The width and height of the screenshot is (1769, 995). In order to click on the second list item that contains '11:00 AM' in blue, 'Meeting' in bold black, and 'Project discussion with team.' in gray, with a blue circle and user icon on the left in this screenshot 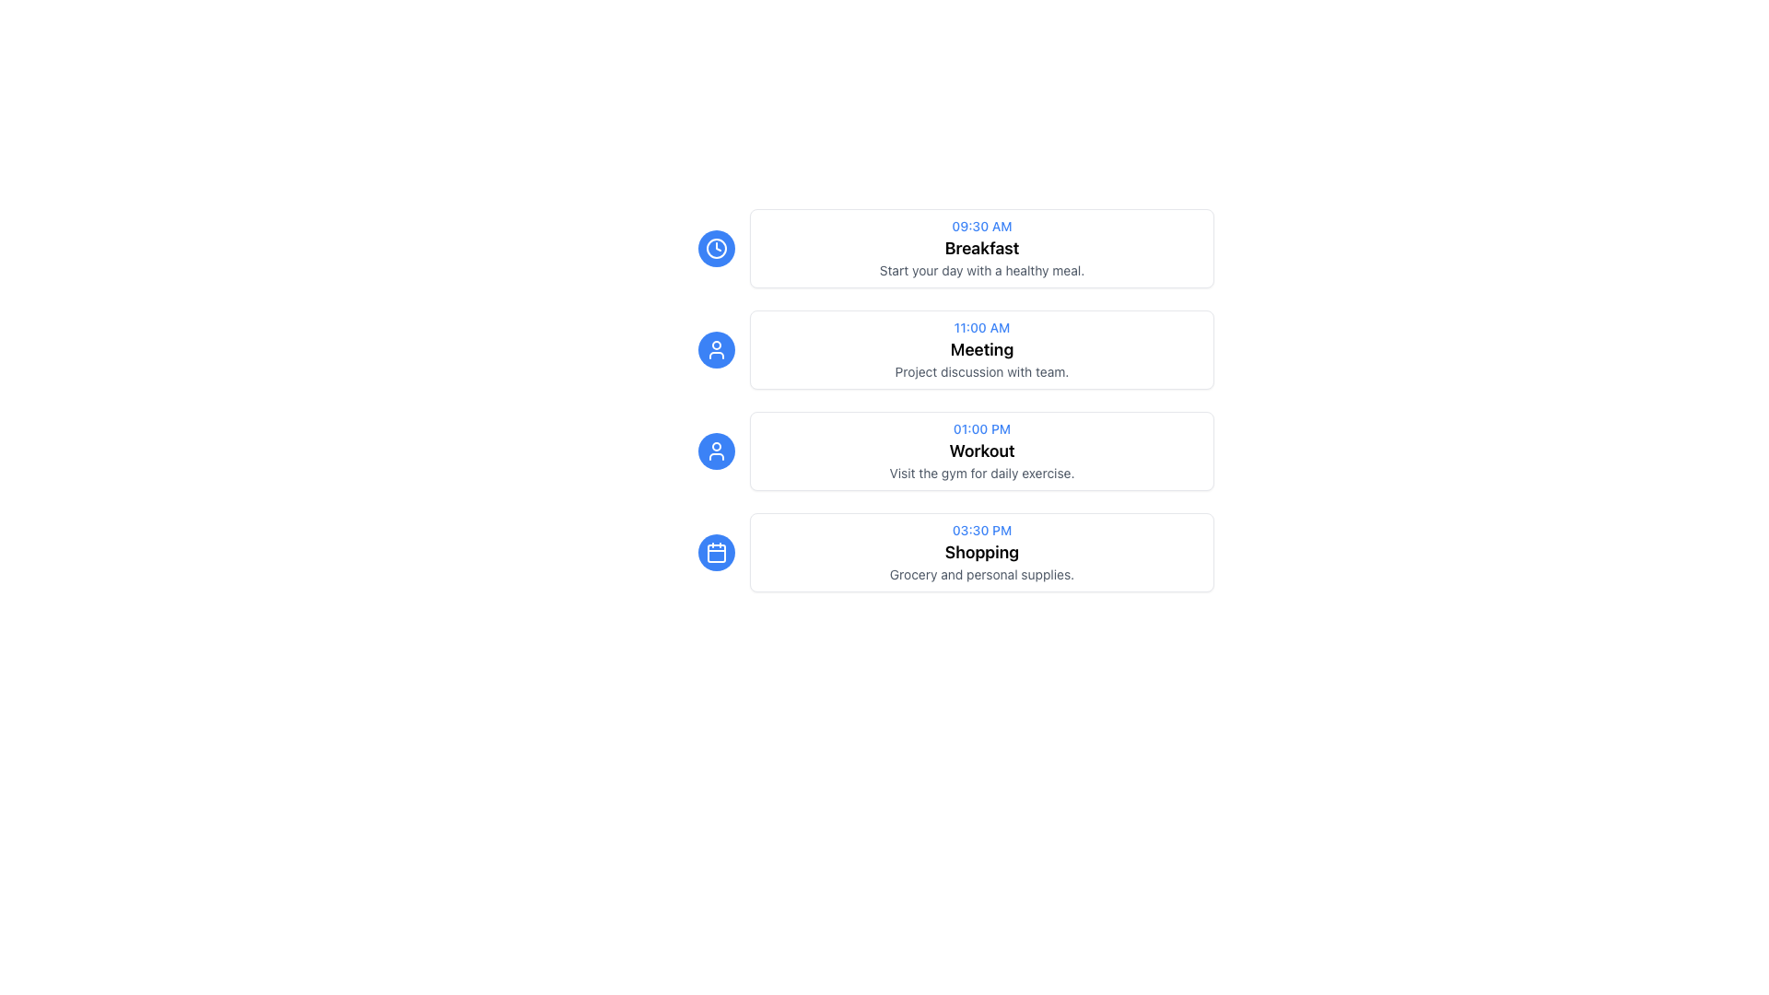, I will do `click(949, 350)`.